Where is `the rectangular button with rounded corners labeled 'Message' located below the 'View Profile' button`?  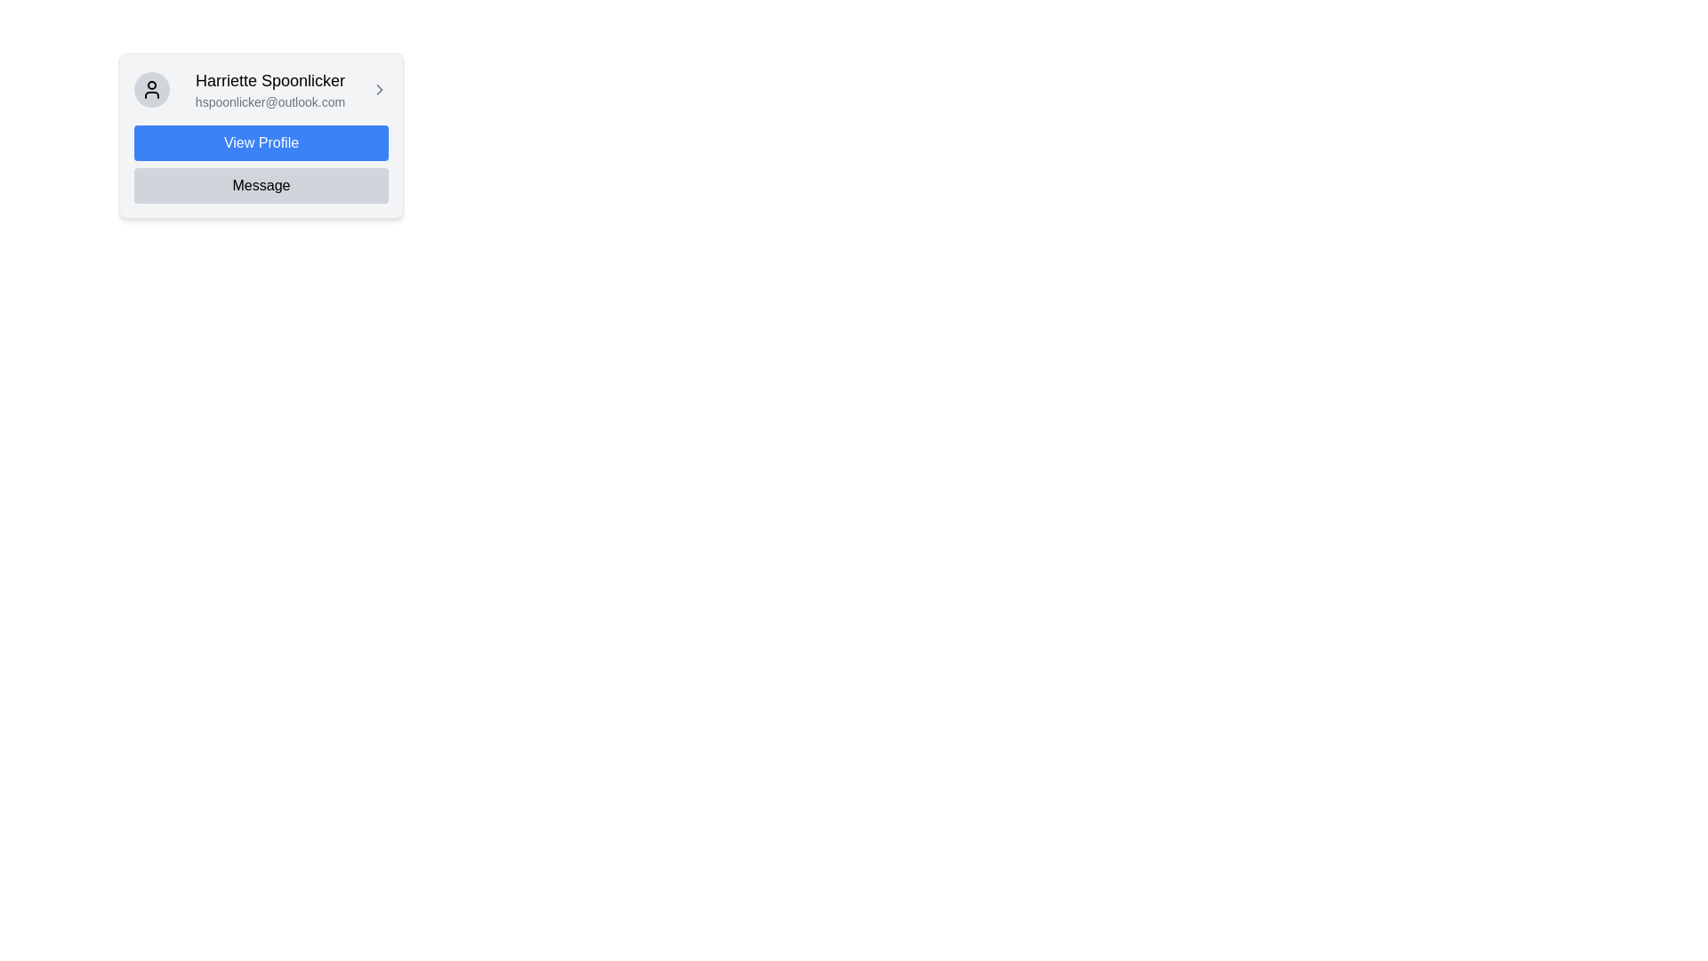 the rectangular button with rounded corners labeled 'Message' located below the 'View Profile' button is located at coordinates (260, 185).